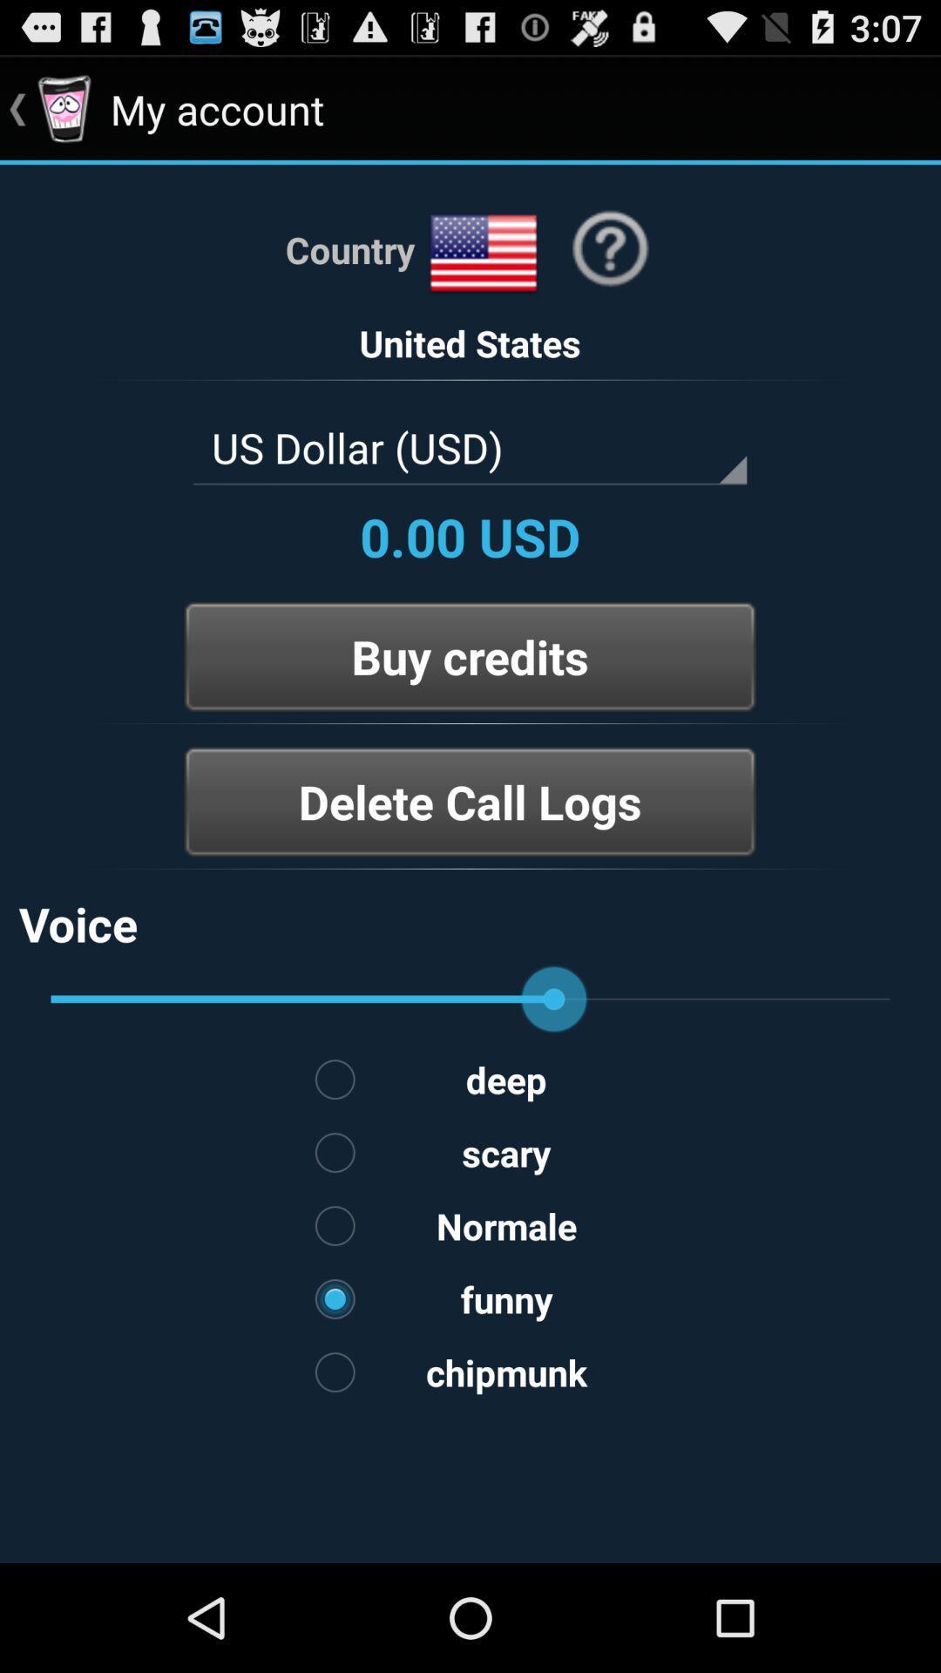 The height and width of the screenshot is (1673, 941). What do you see at coordinates (609, 266) in the screenshot?
I see `the help icon` at bounding box center [609, 266].